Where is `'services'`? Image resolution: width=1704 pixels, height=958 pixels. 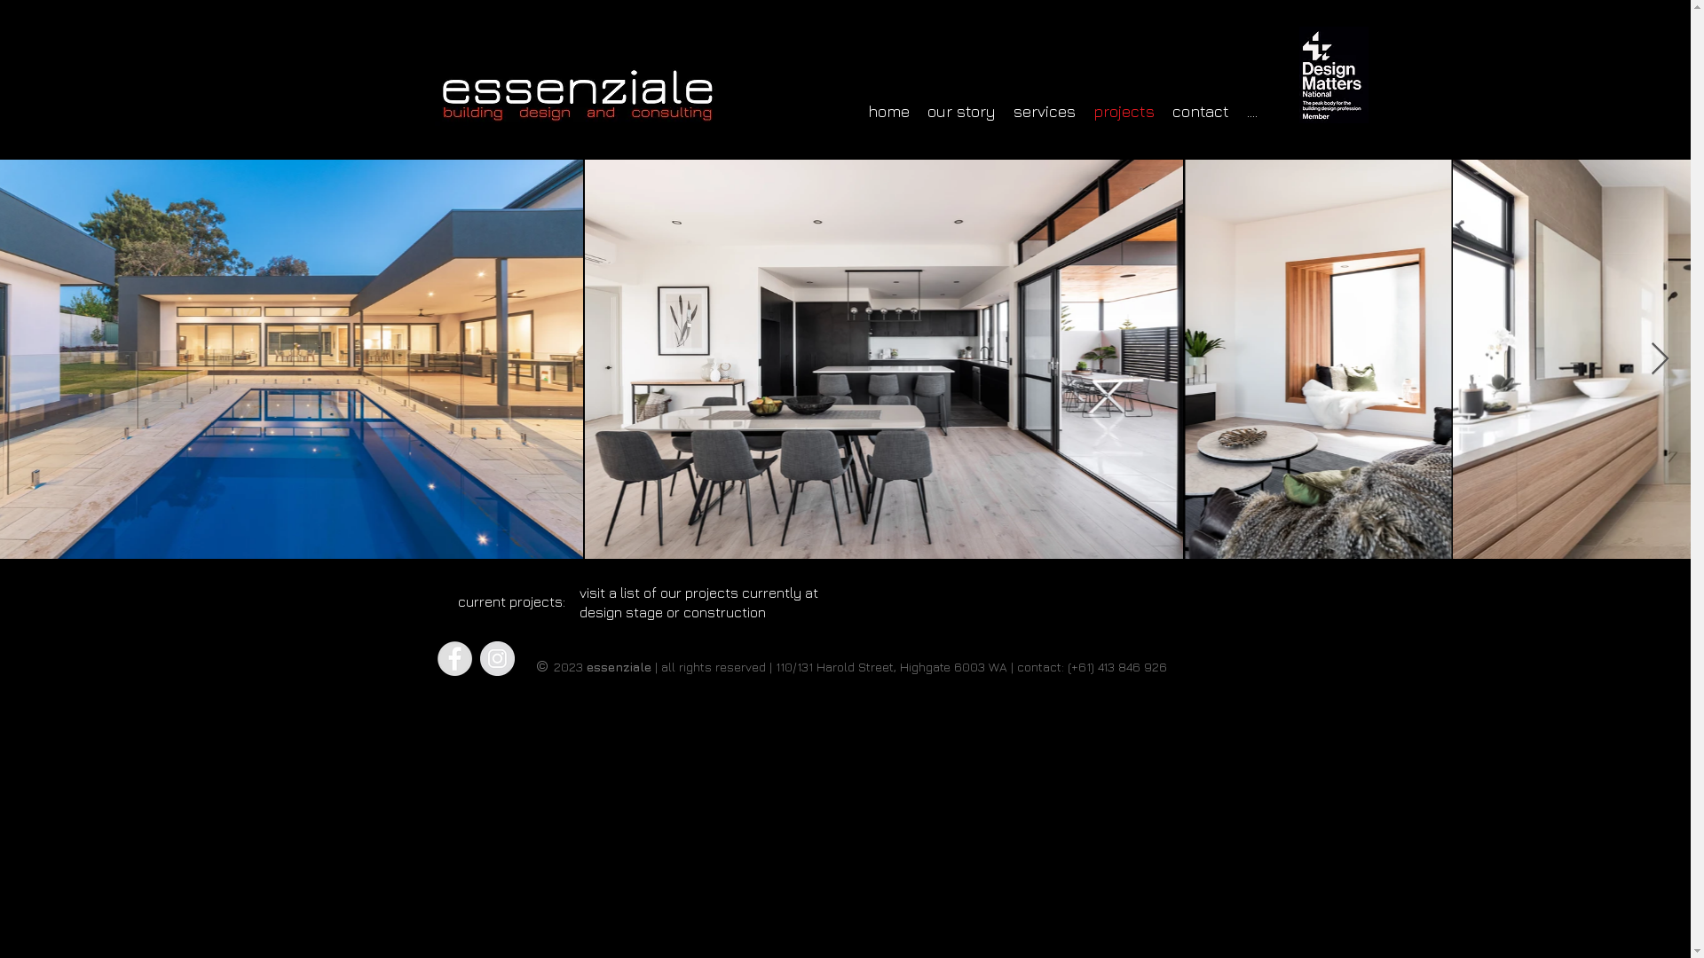 'services' is located at coordinates (1044, 112).